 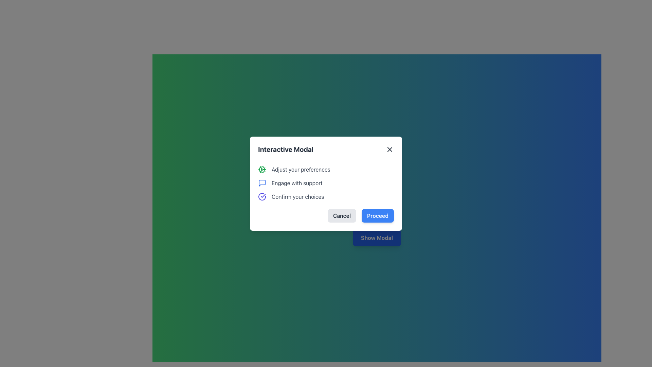 What do you see at coordinates (262, 196) in the screenshot?
I see `the circular icon with a checkmark inside, styled with an indigo-colored stroke, located beneath the 'Interactive Modal' header and to the left of the 'Confirm your choices' label` at bounding box center [262, 196].